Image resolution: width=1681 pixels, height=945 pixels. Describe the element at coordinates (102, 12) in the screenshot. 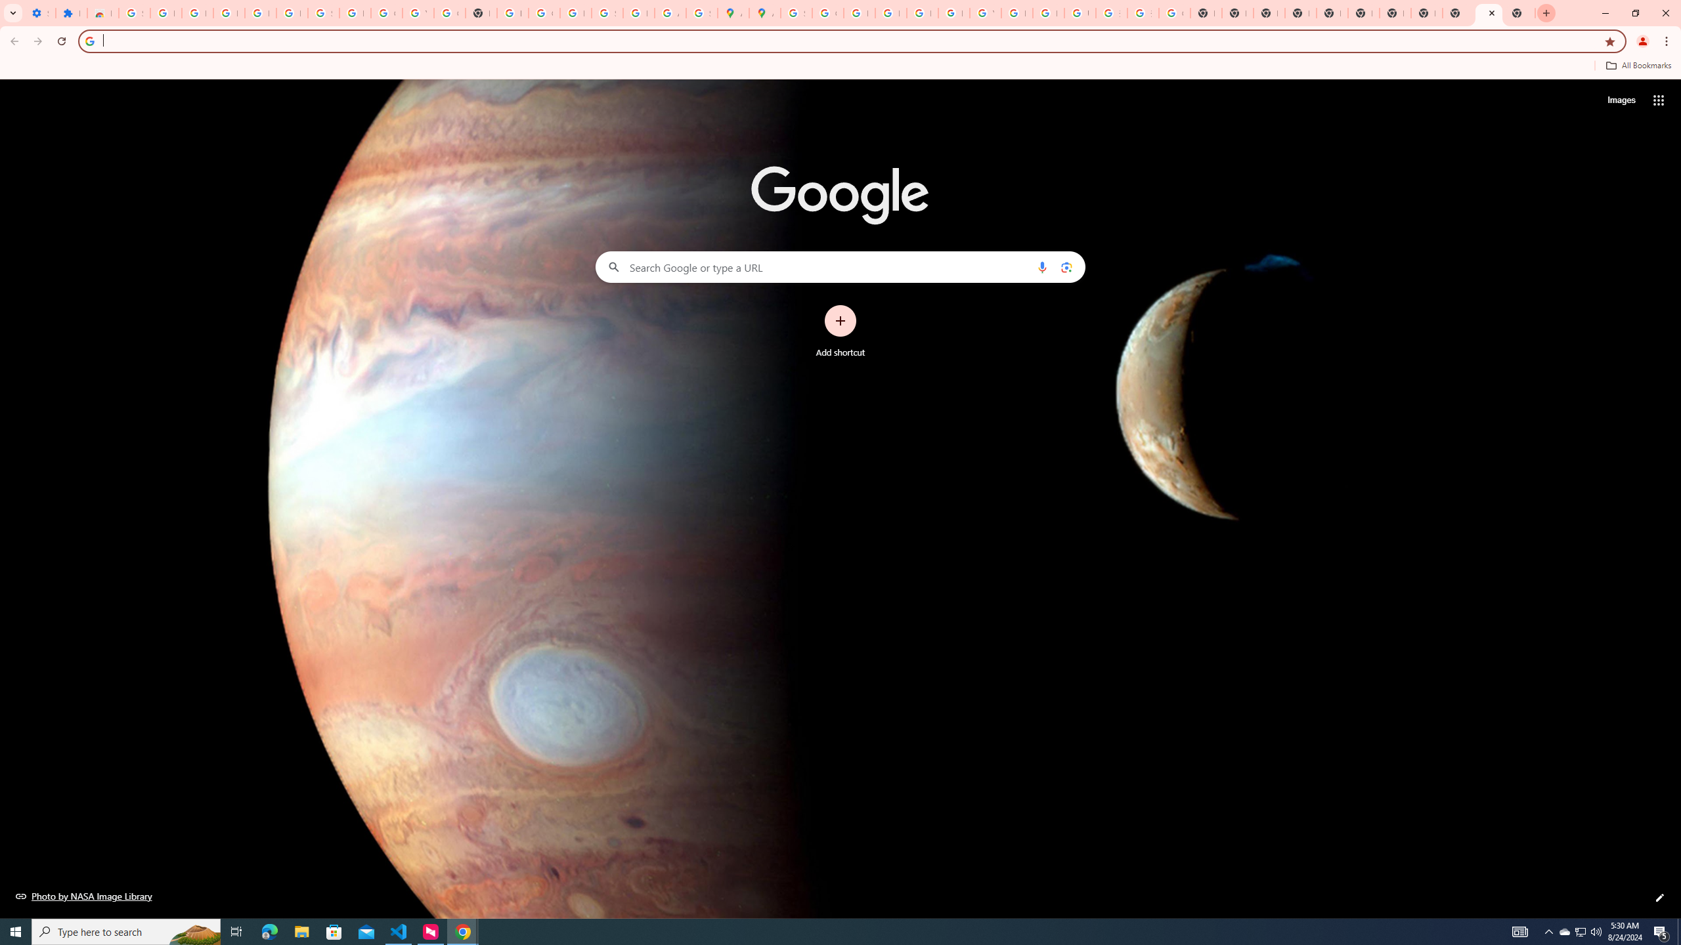

I see `'Reviews: Helix Fruit Jump Arcade Game'` at that location.